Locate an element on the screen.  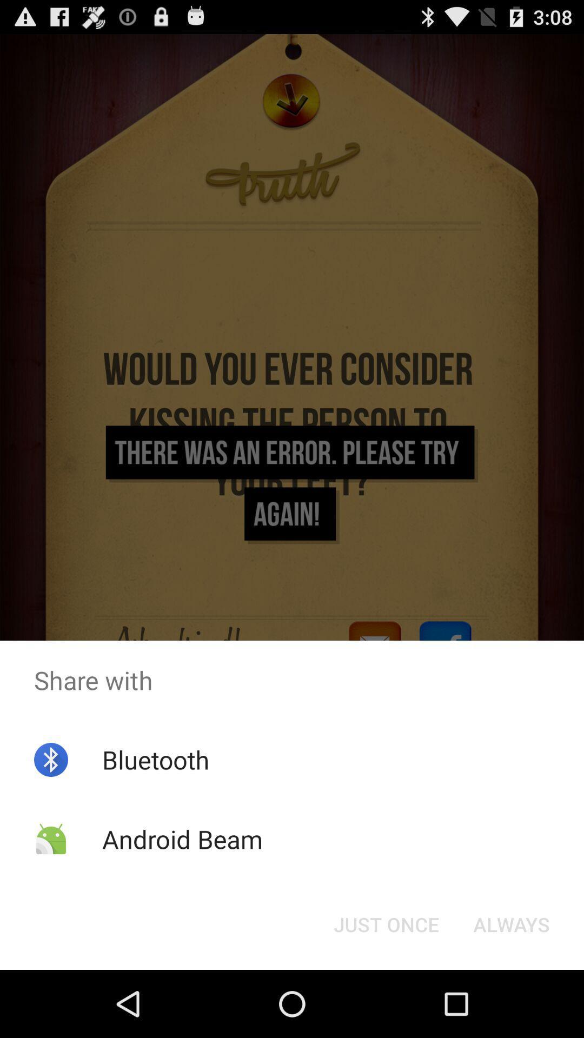
the bluetooth icon is located at coordinates (156, 759).